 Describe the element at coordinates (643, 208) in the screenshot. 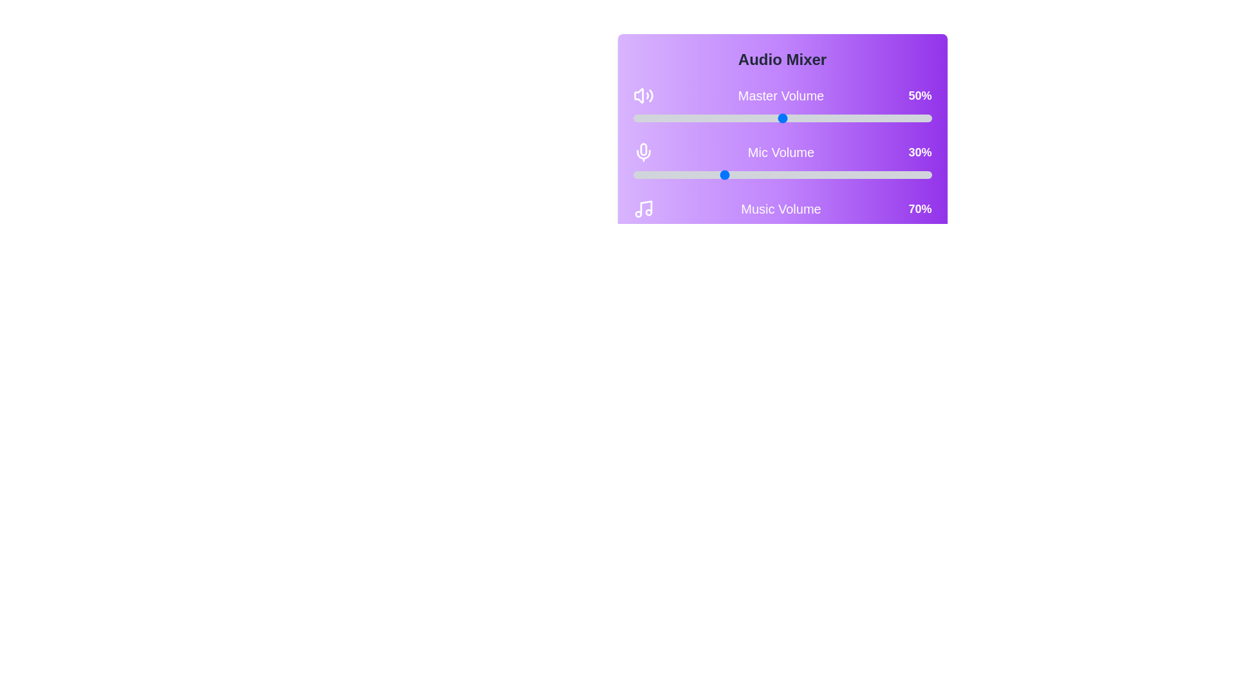

I see `the music volume icon located in the lower portion of the purple toolbar labeled 'Audio Mixer', which is the leftmost element before the title 'Music Volume' and the '70%' value indicator` at that location.